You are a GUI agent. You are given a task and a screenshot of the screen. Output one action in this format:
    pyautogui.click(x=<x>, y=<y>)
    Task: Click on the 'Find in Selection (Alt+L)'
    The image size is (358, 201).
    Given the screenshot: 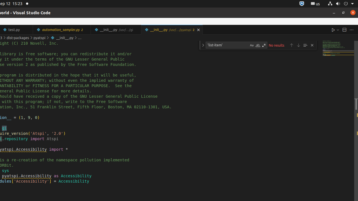 What is the action you would take?
    pyautogui.click(x=305, y=45)
    